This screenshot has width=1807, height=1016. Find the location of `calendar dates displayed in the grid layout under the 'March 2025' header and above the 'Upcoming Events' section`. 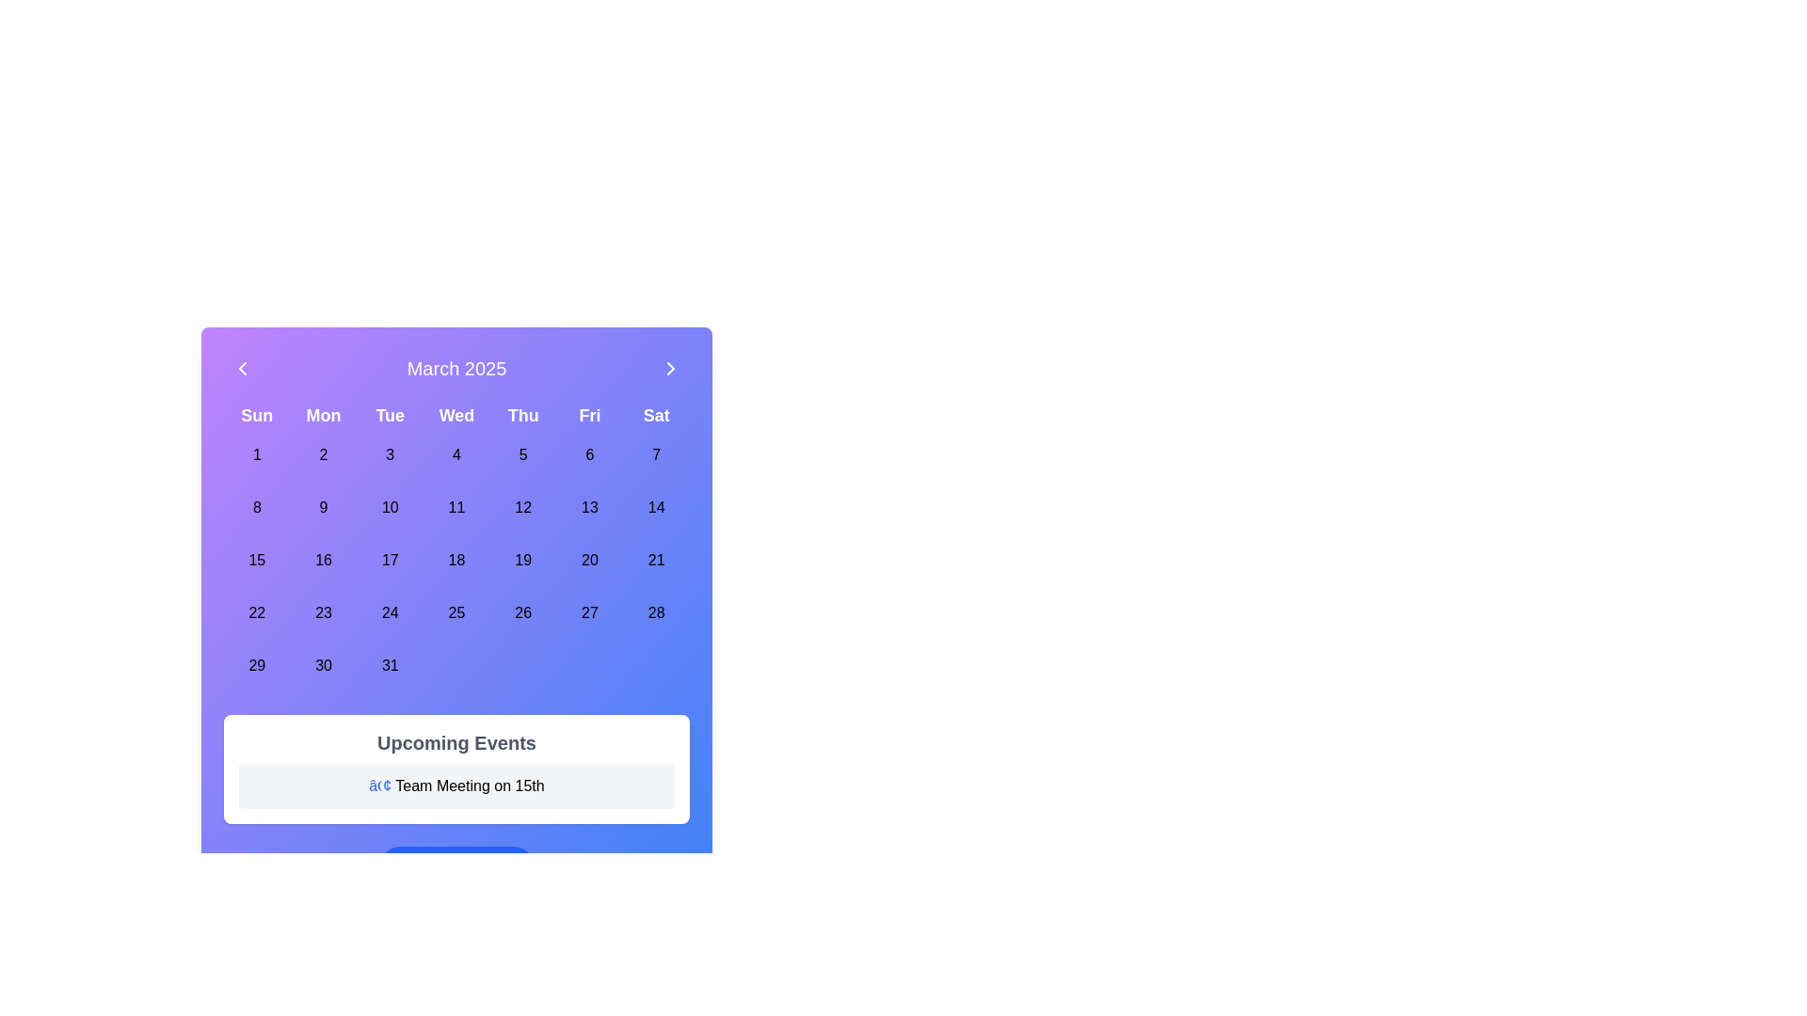

calendar dates displayed in the grid layout under the 'March 2025' header and above the 'Upcoming Events' section is located at coordinates (456, 548).